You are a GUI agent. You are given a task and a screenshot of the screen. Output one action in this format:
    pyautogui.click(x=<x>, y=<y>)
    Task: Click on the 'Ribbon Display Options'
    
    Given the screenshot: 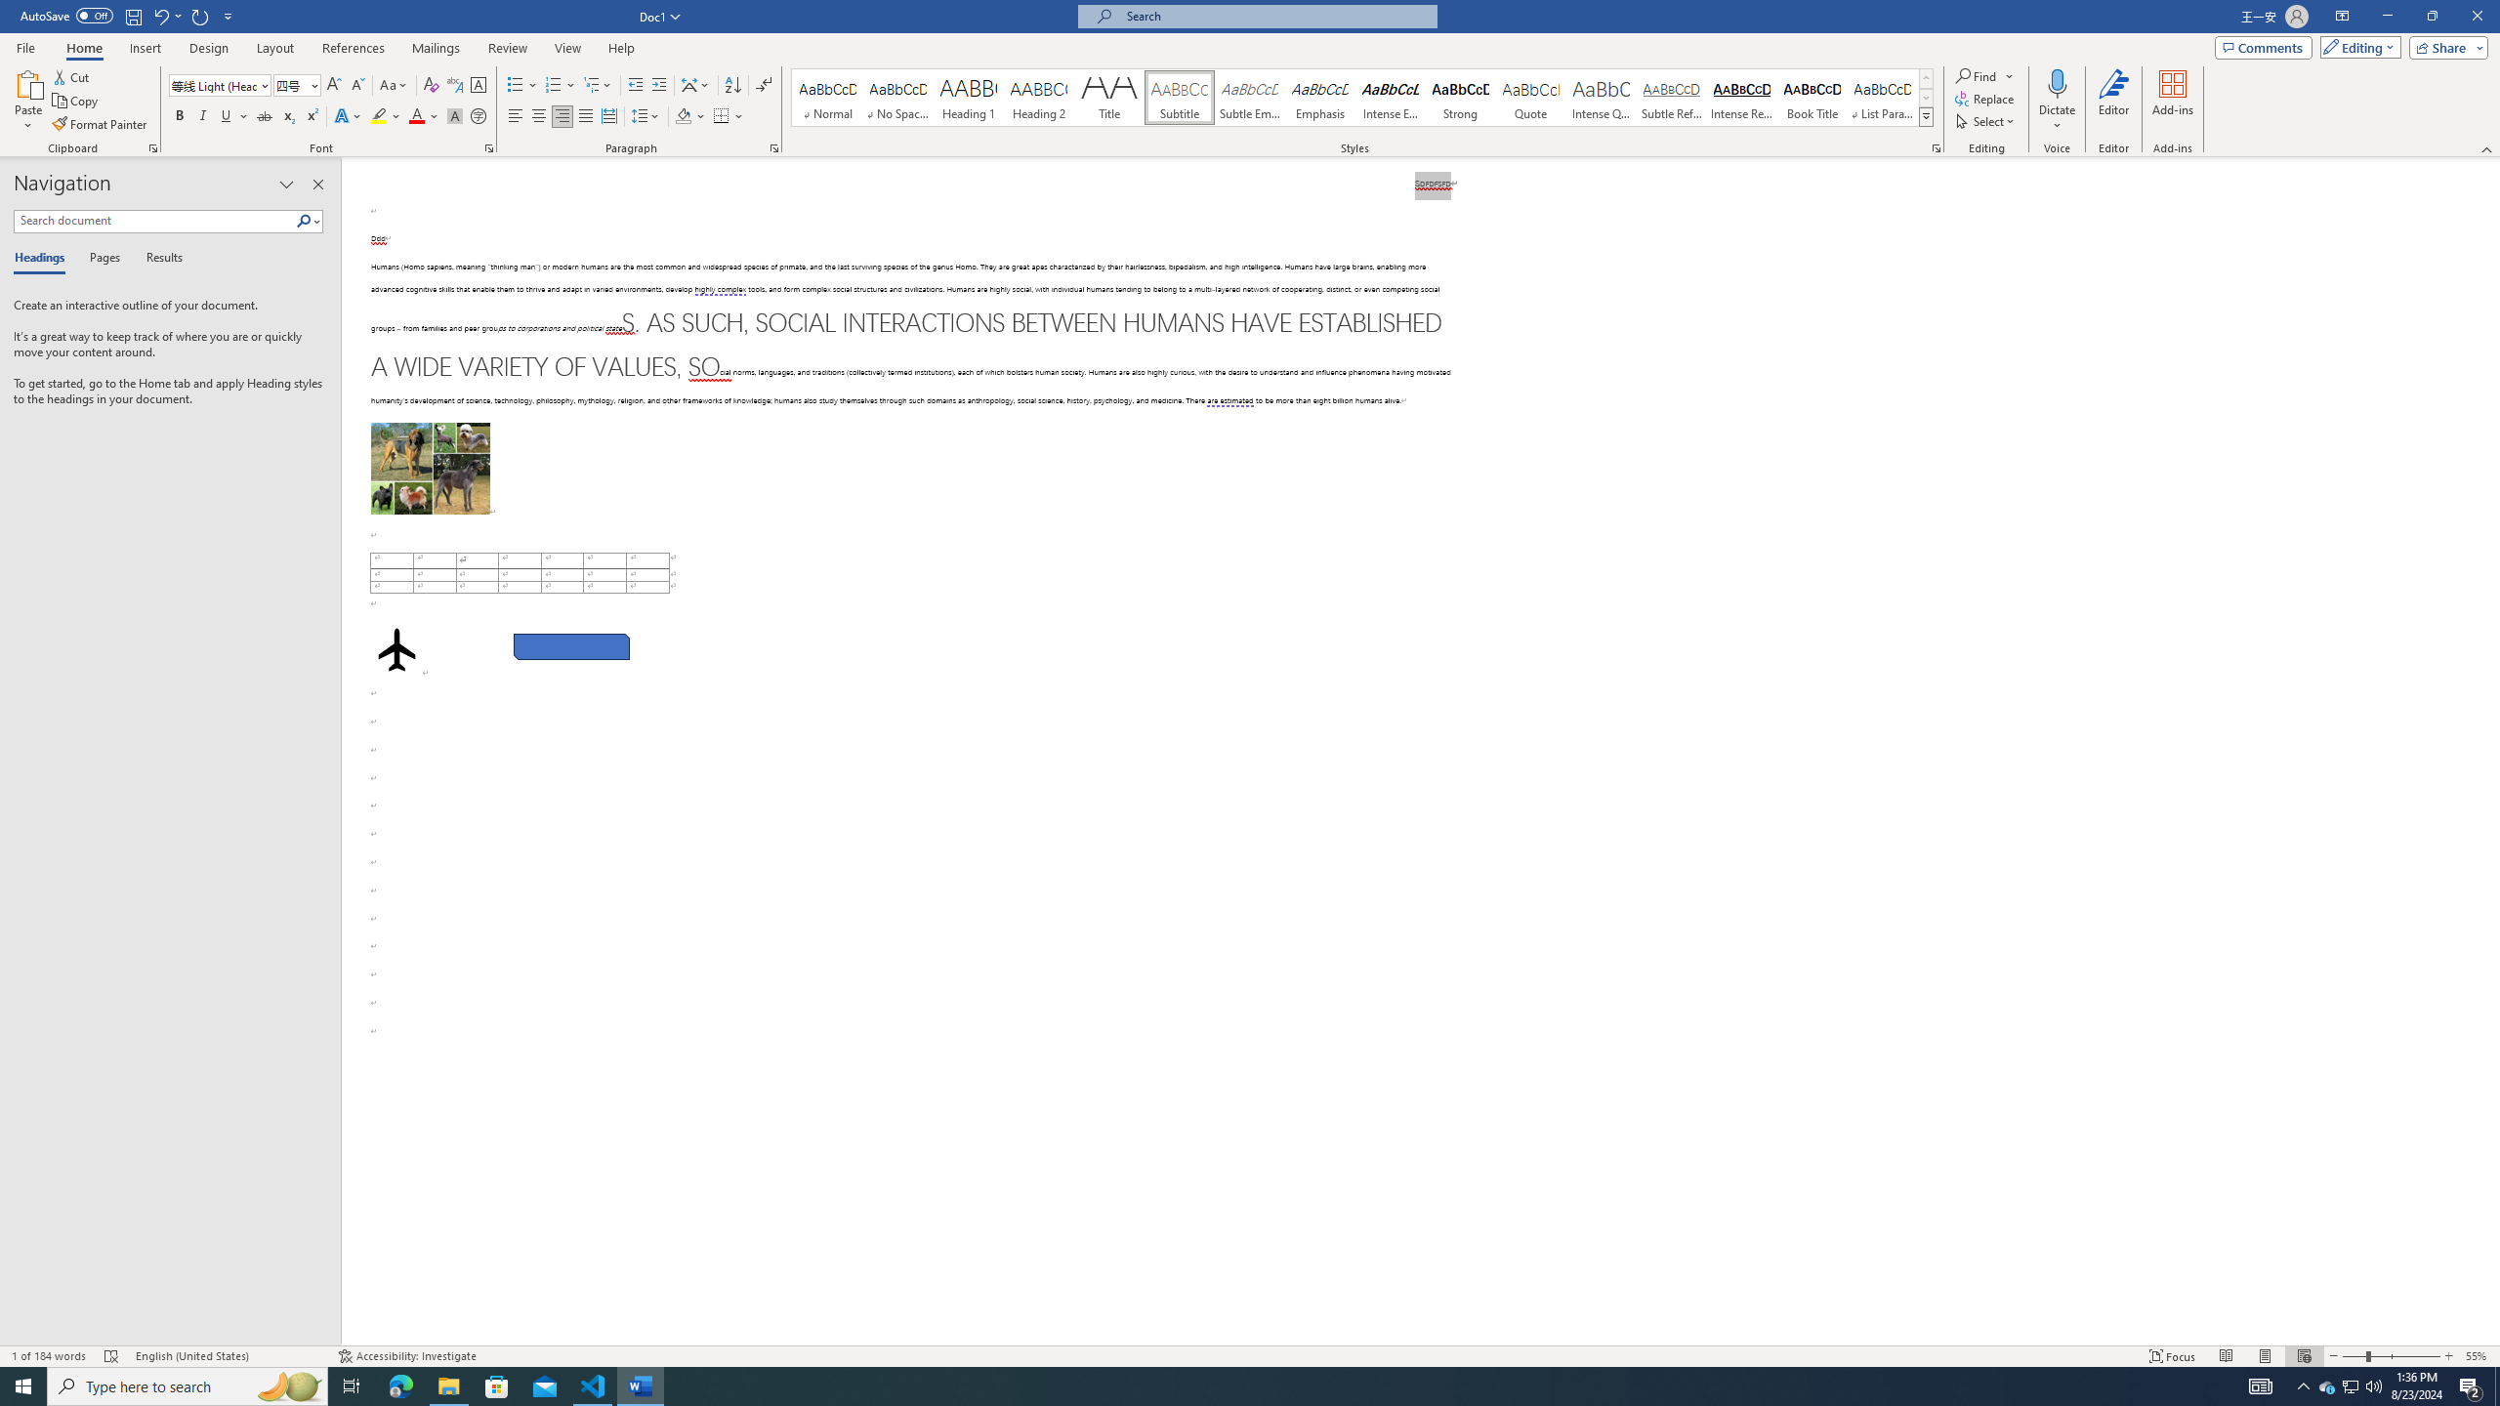 What is the action you would take?
    pyautogui.click(x=2341, y=16)
    